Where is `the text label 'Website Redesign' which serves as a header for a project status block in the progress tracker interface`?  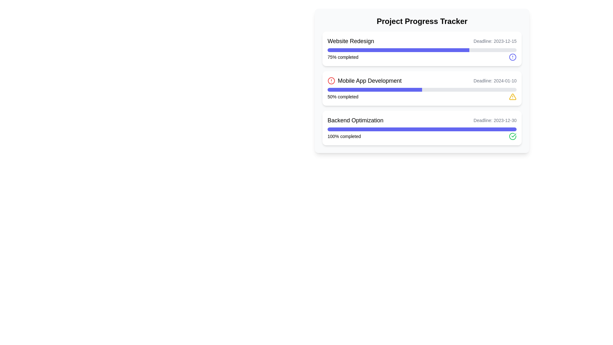
the text label 'Website Redesign' which serves as a header for a project status block in the progress tracker interface is located at coordinates (350, 41).